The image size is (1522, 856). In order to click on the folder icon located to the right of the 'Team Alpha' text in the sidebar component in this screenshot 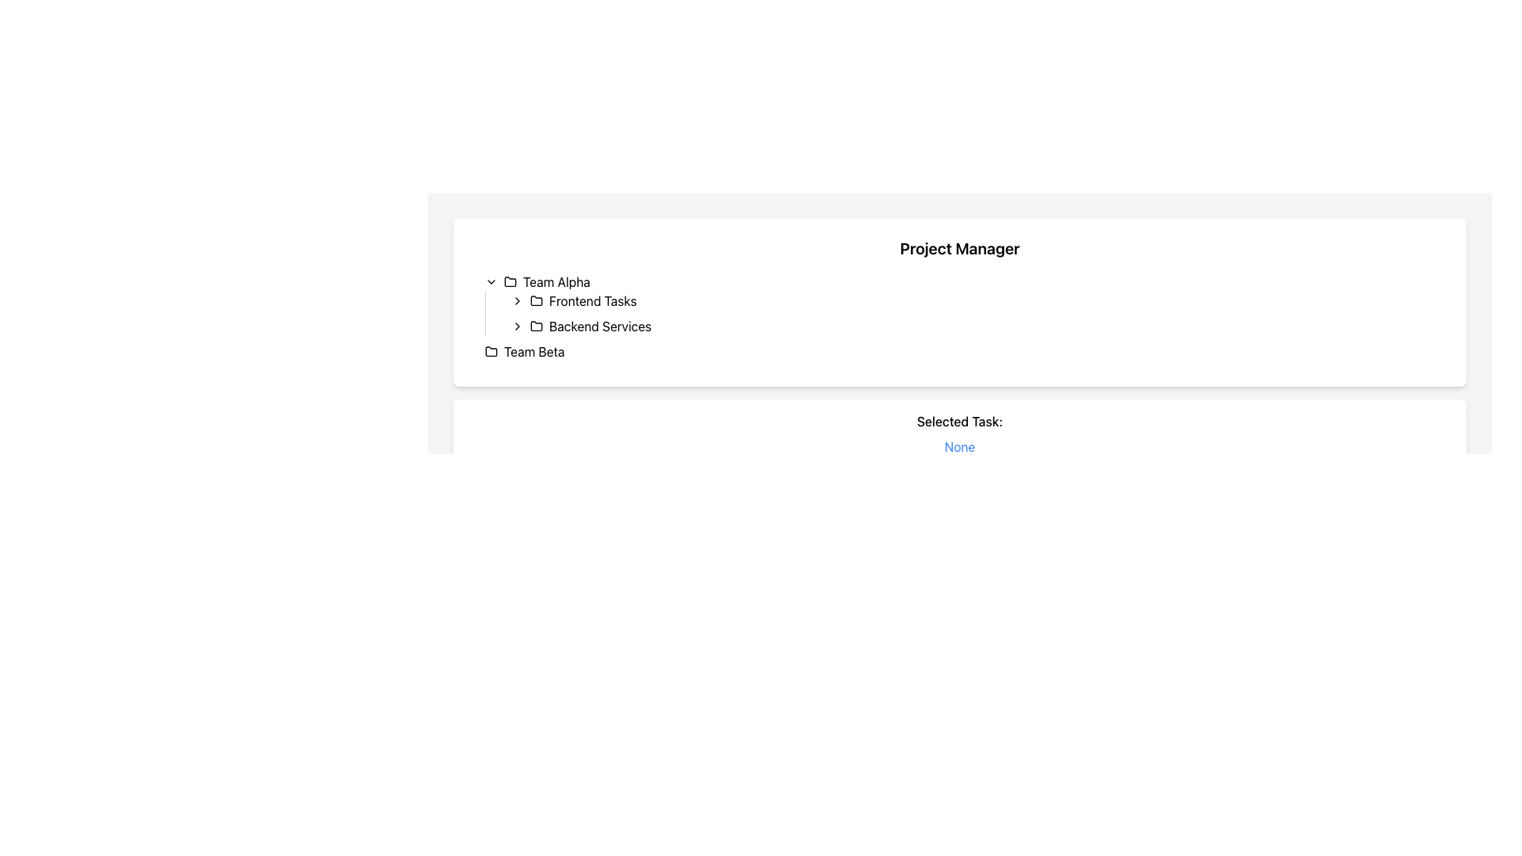, I will do `click(510, 281)`.